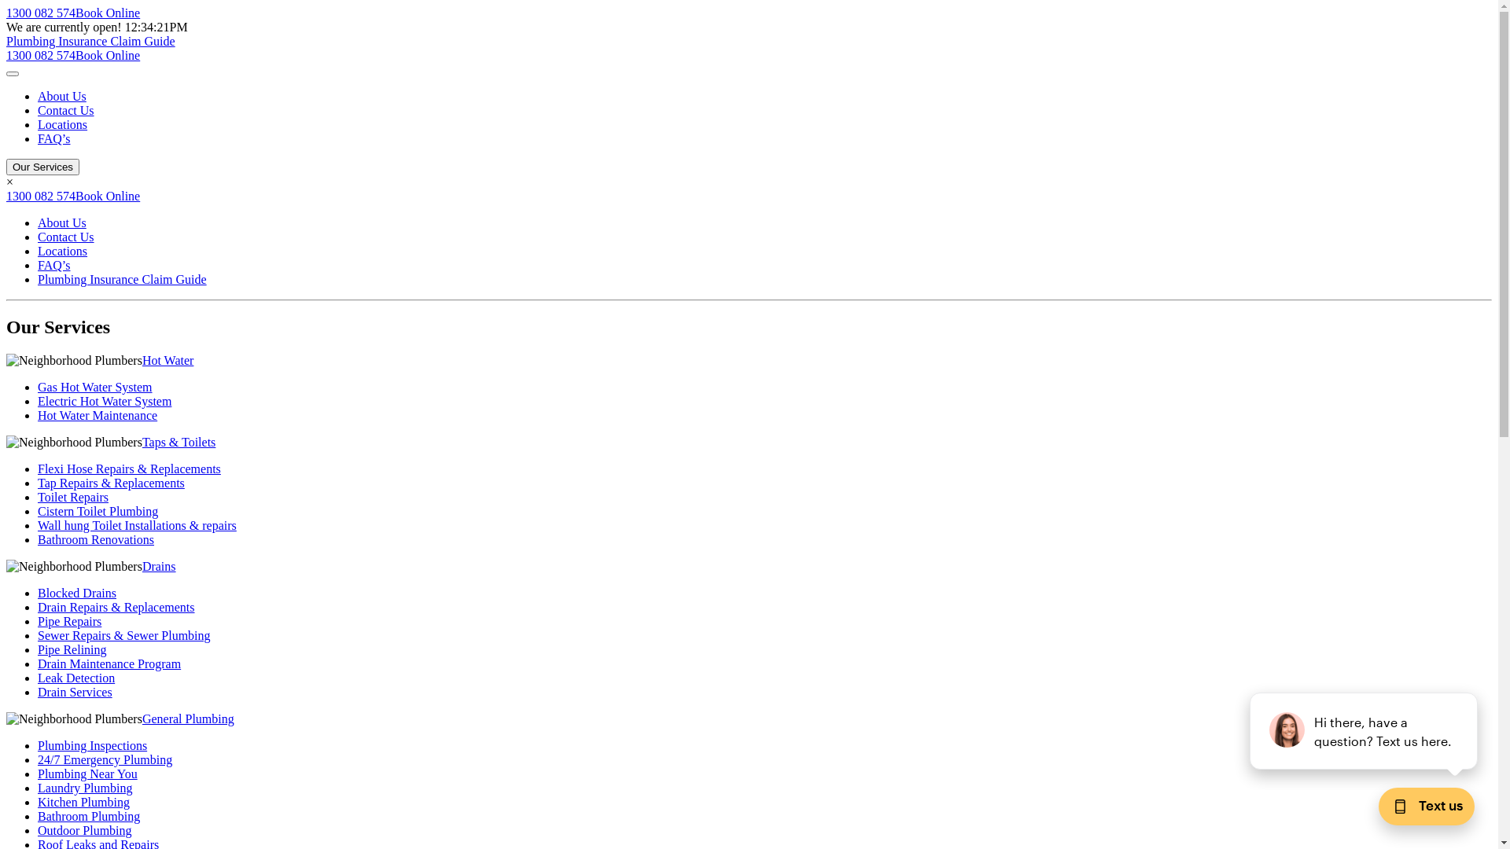  What do you see at coordinates (38, 606) in the screenshot?
I see `'Drain Repairs & Replacements'` at bounding box center [38, 606].